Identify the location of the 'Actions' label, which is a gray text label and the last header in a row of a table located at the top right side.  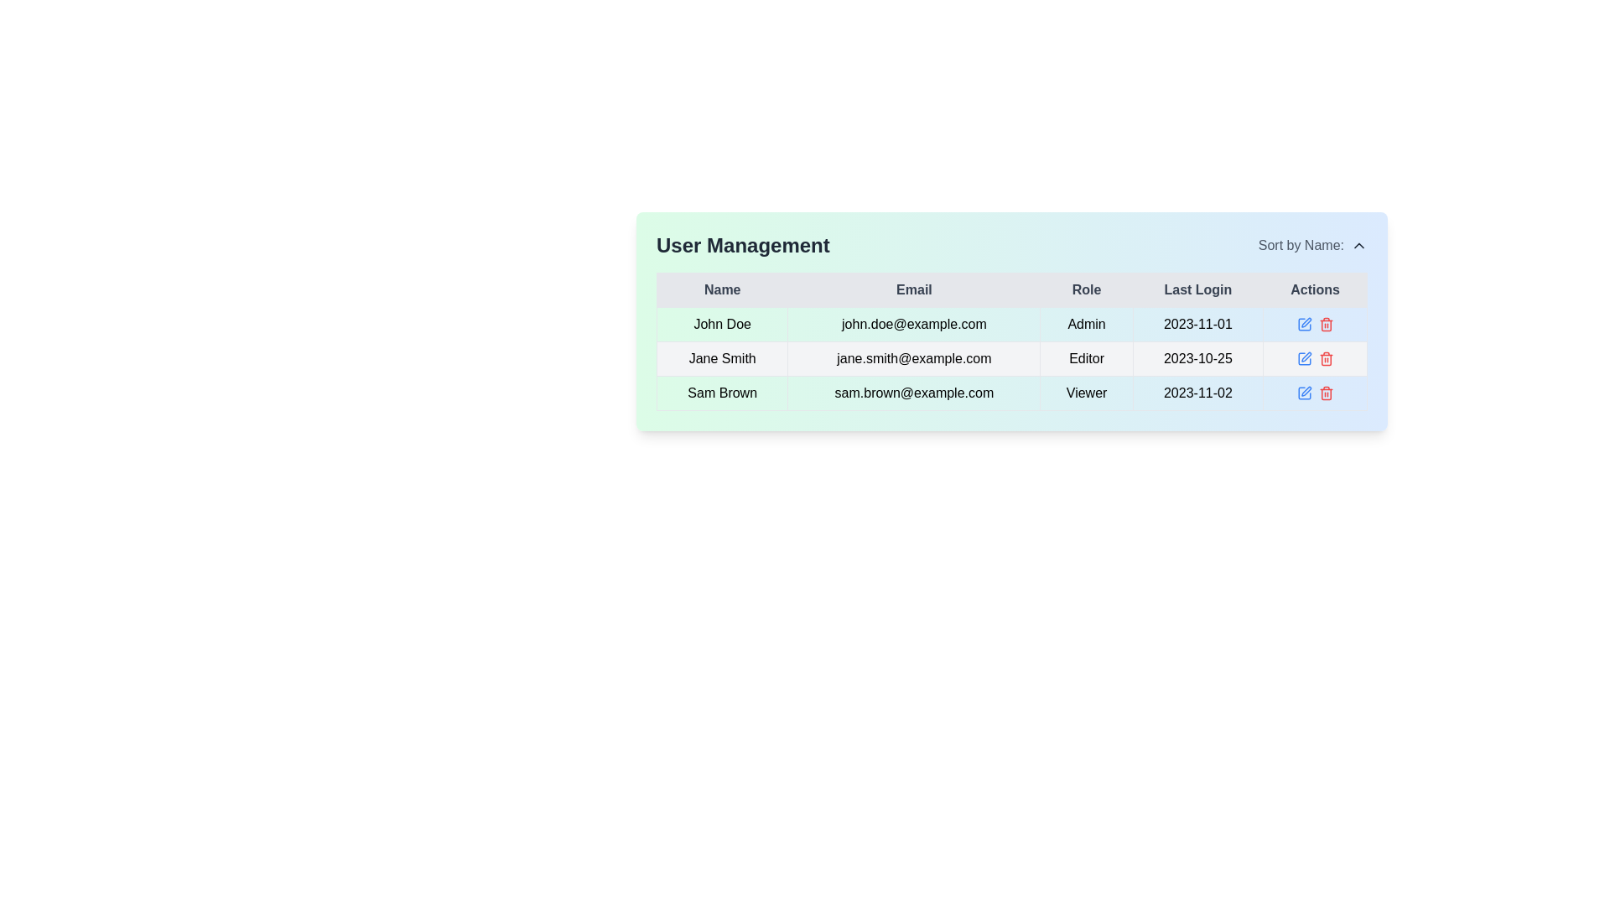
(1314, 289).